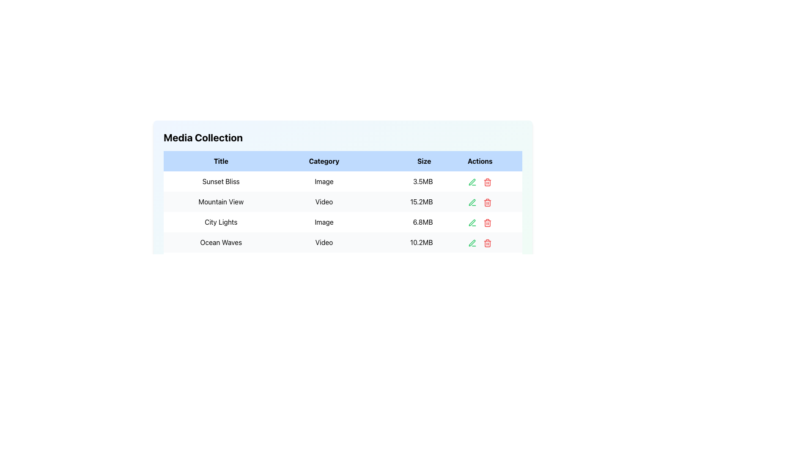 Image resolution: width=812 pixels, height=457 pixels. I want to click on the second row of the media items table, which displays metadata for the media item, to view its details, so click(343, 202).